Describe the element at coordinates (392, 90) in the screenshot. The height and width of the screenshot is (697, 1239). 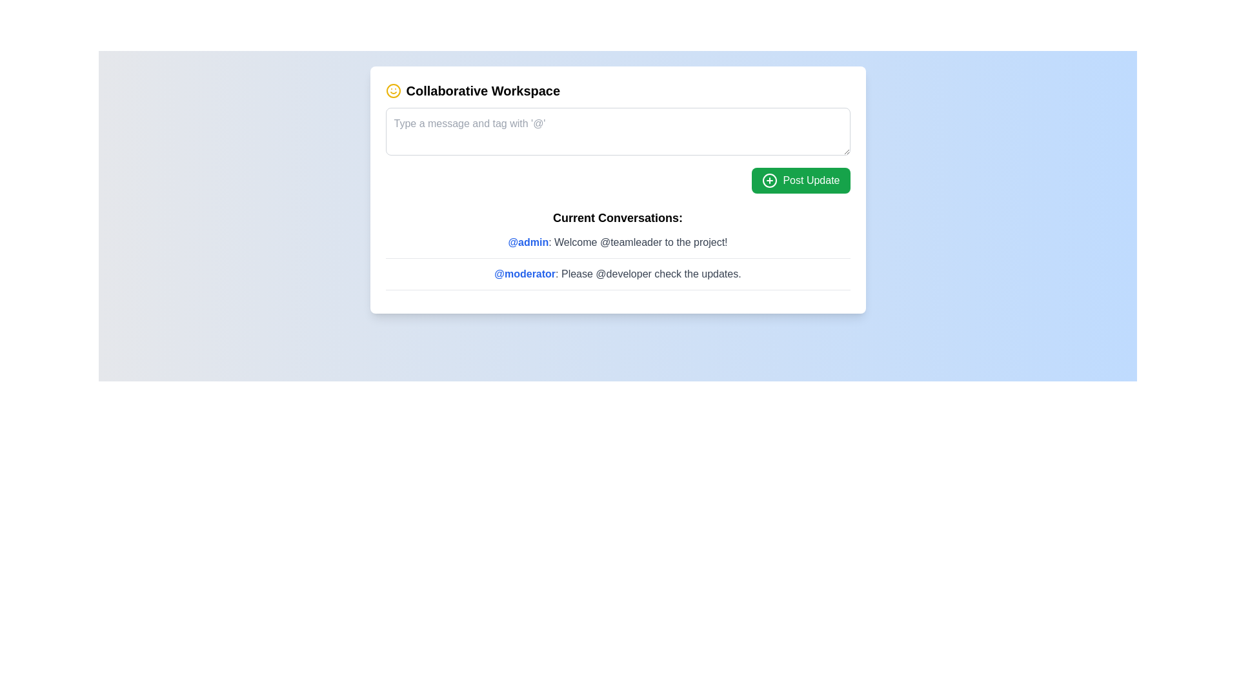
I see `the SVG Circle that represents the outer boundary of a smiling face icon located in the top-left portion of the main interface` at that location.